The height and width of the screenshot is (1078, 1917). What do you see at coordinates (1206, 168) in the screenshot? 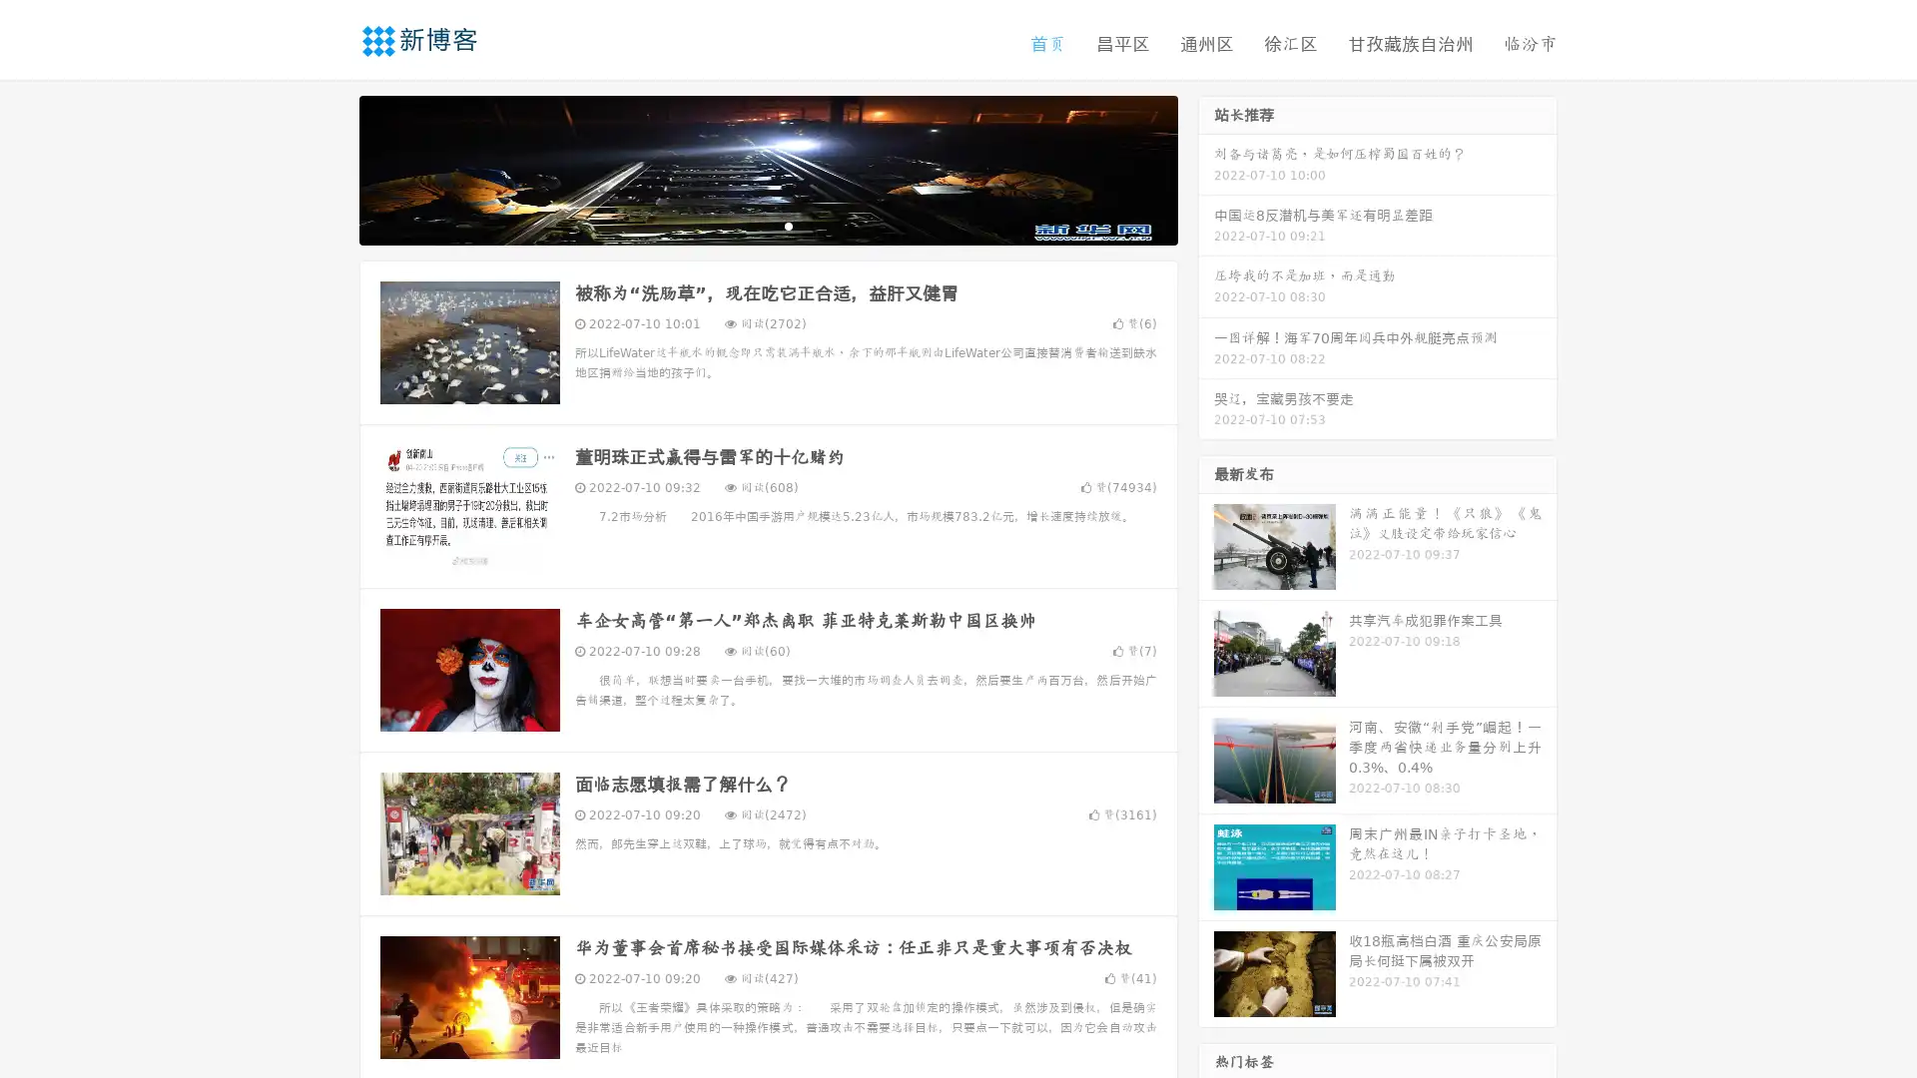
I see `Next slide` at bounding box center [1206, 168].